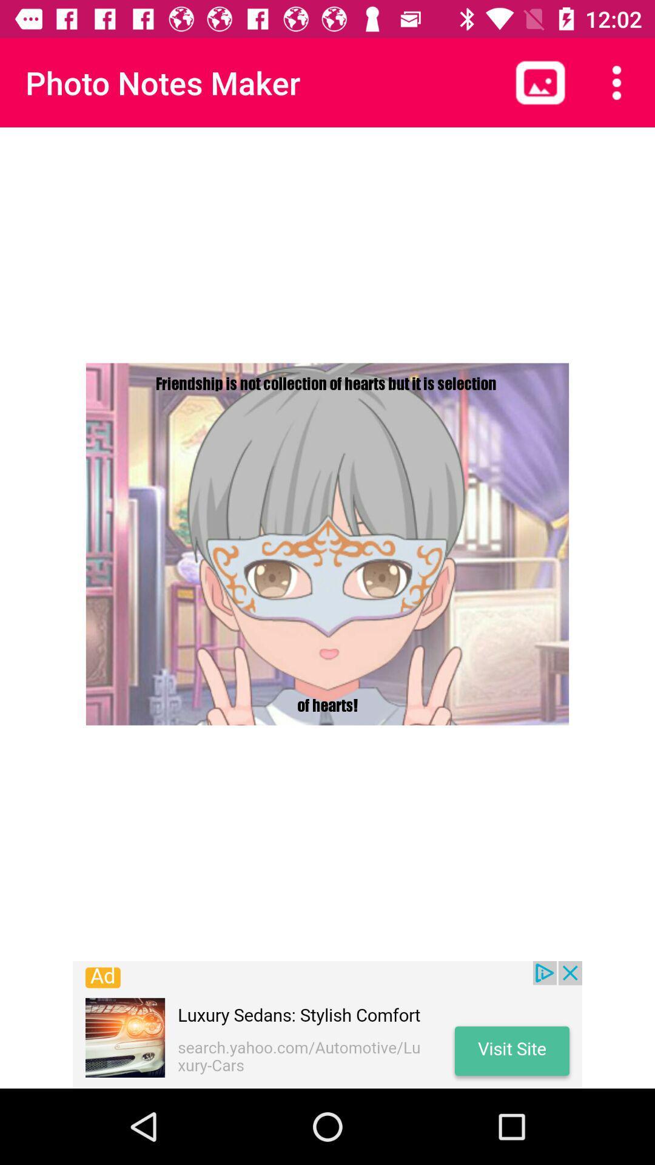  Describe the element at coordinates (617, 82) in the screenshot. I see `menu icon` at that location.